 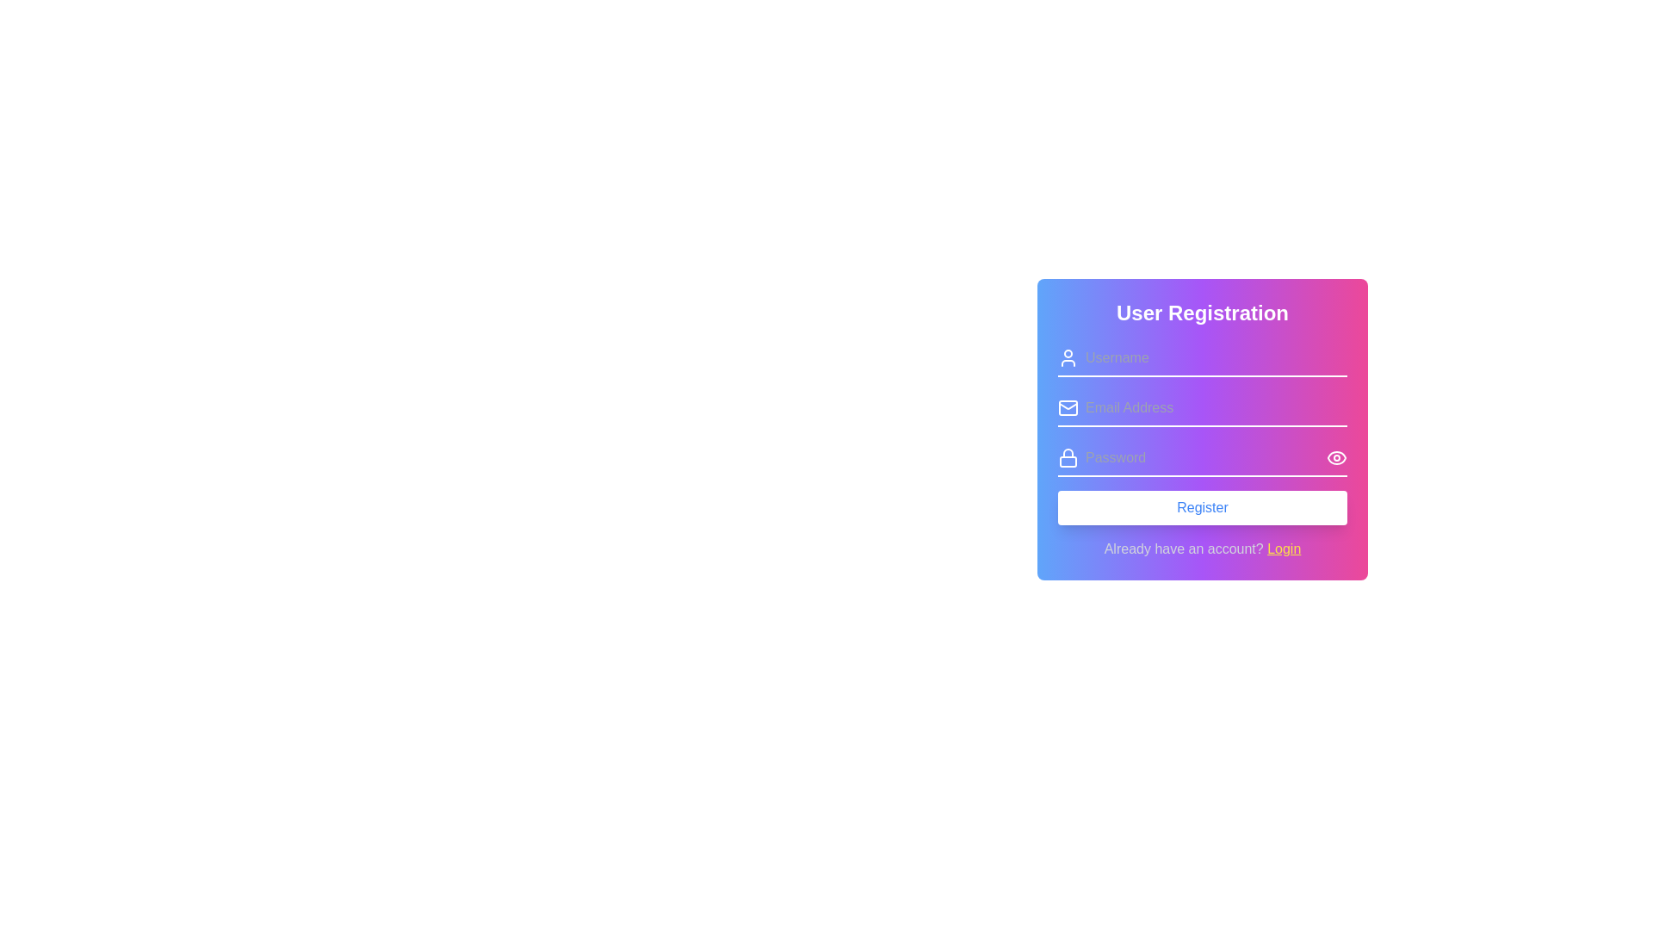 What do you see at coordinates (1201, 507) in the screenshot?
I see `the 'Register' button which is a rectangular button with a white background and blue text, located at the bottom of the form layout` at bounding box center [1201, 507].